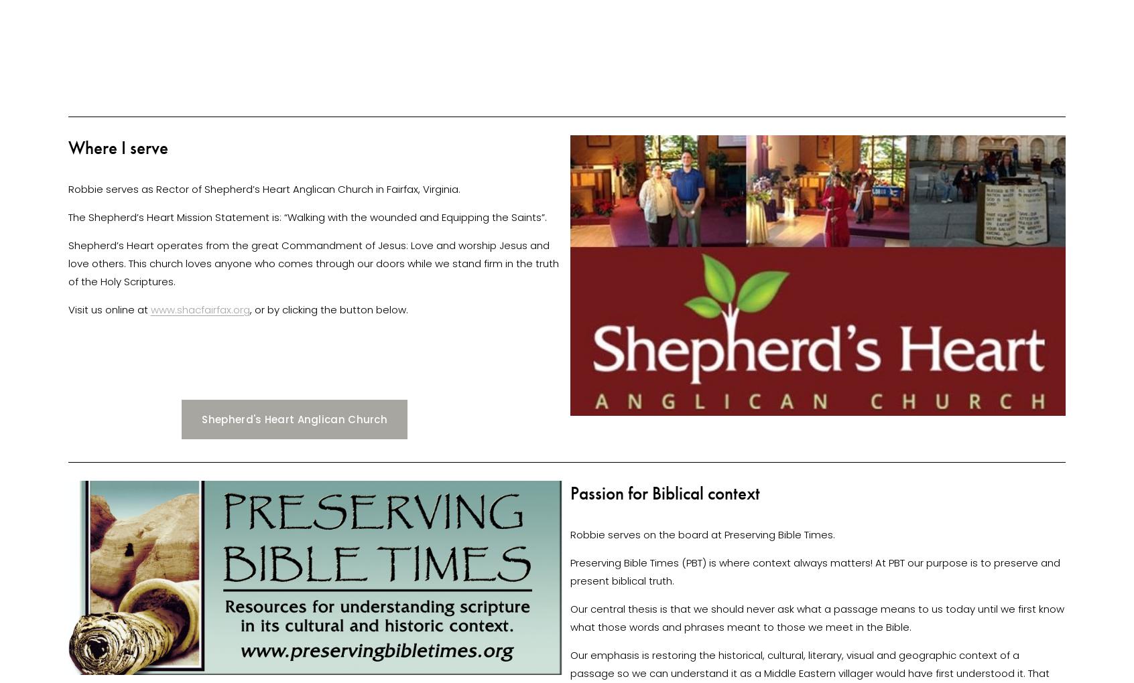 Image resolution: width=1134 pixels, height=683 pixels. I want to click on 'Robbie serves on the board at Preserving Bible Times.', so click(703, 533).